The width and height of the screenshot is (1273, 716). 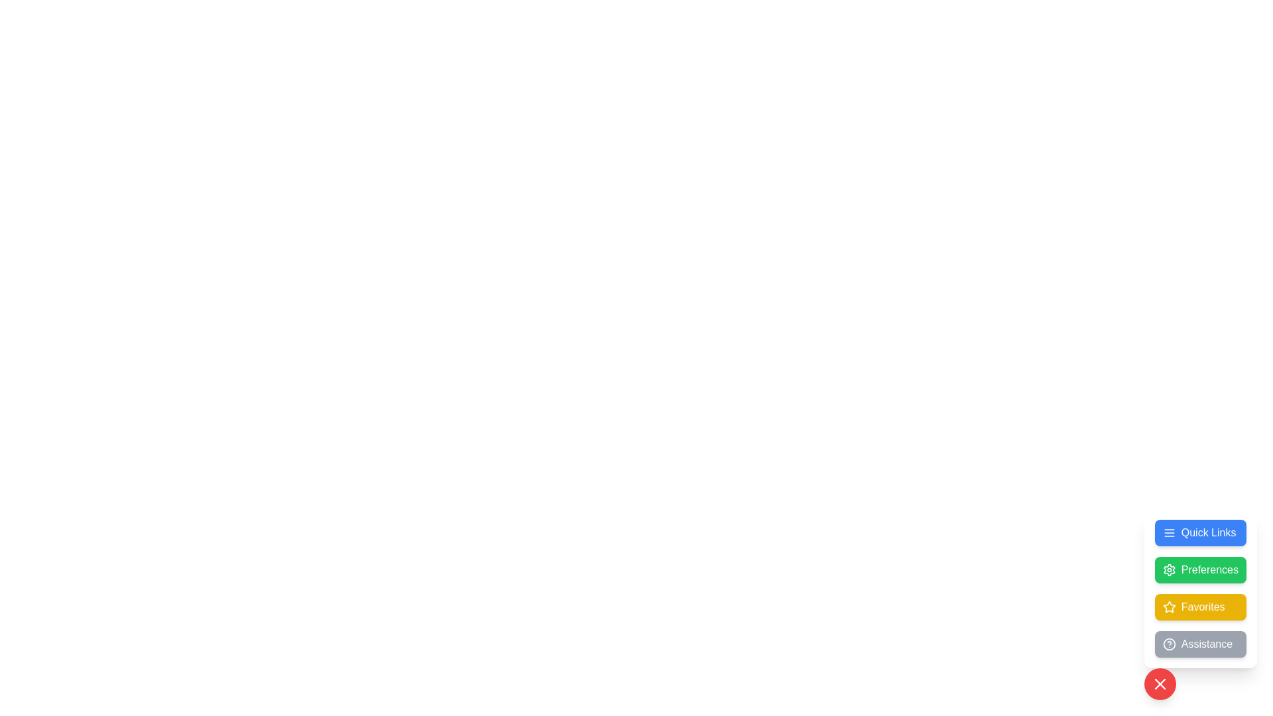 What do you see at coordinates (1200, 569) in the screenshot?
I see `the green rounded rectangle button with white text and a settings gear icon, located second from the top in the vertical stack of buttons` at bounding box center [1200, 569].